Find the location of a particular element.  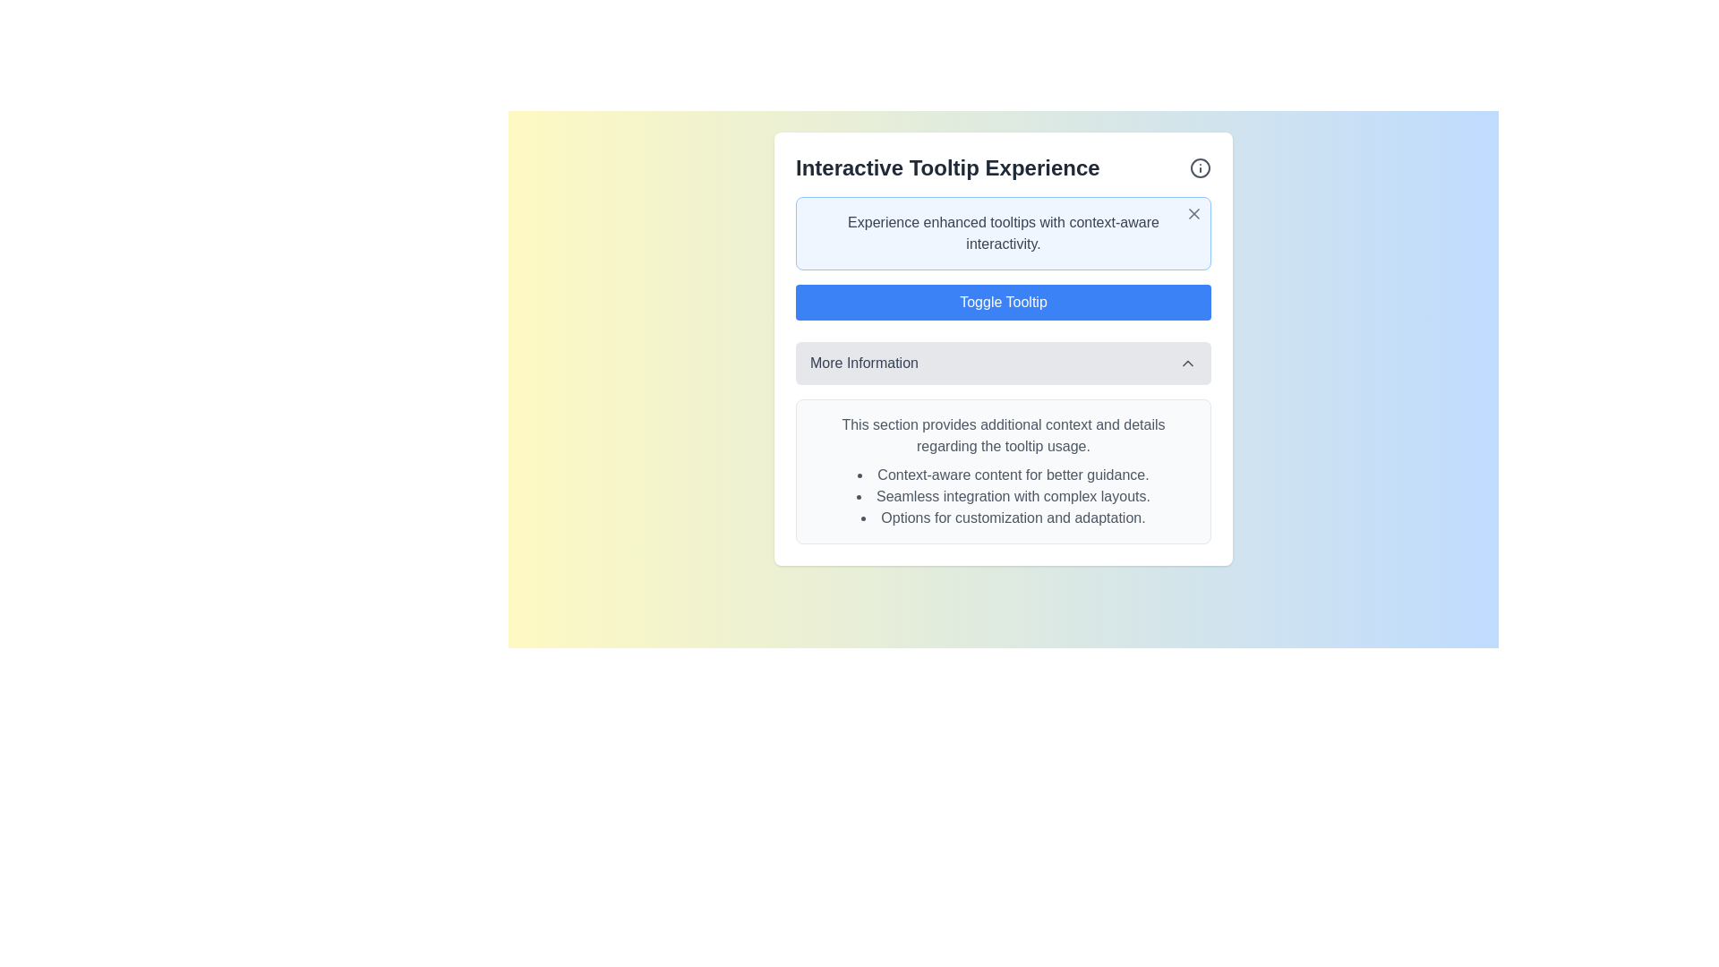

the text label displaying 'This section provides additional context and details regarding the tooltip usage.' located in the 'More Information' section is located at coordinates (1004, 435).